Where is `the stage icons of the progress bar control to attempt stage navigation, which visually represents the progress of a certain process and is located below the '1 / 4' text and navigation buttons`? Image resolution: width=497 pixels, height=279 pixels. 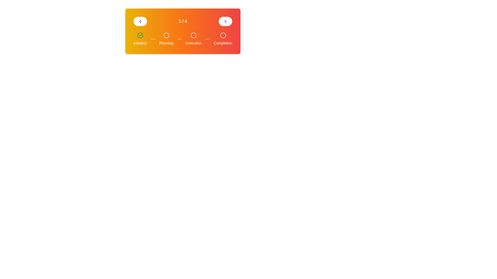 the stage icons of the progress bar control to attempt stage navigation, which visually represents the progress of a certain process and is located below the '1 / 4' text and navigation buttons is located at coordinates (183, 38).